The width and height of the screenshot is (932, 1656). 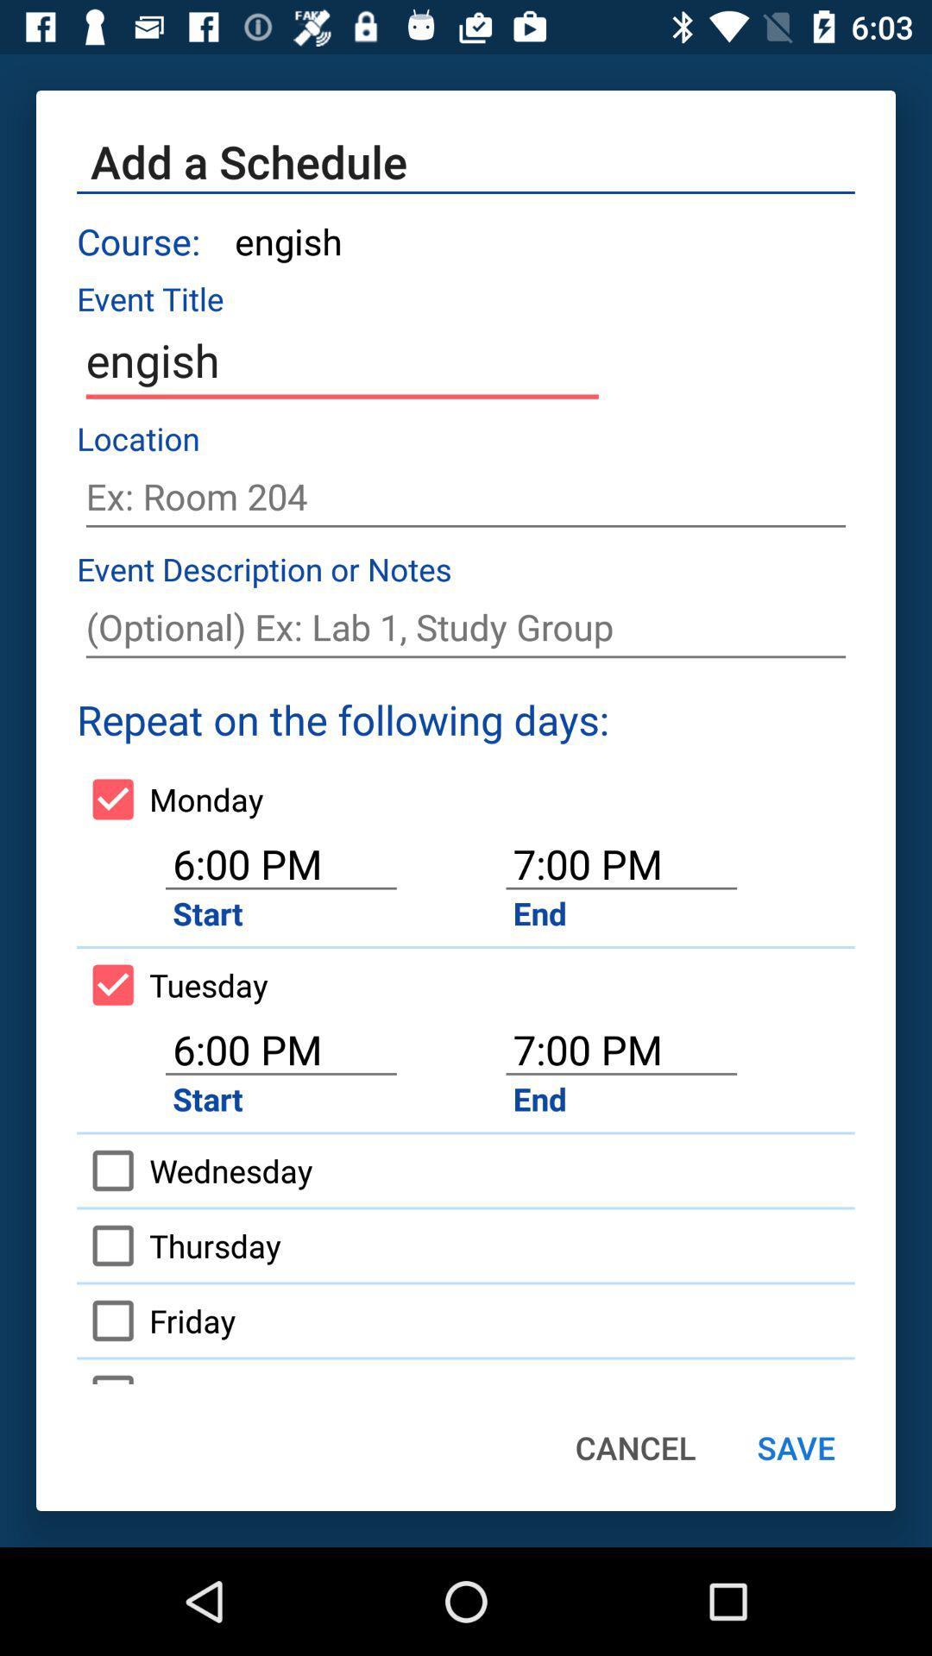 What do you see at coordinates (172, 985) in the screenshot?
I see `item to the left of the 7:00 pm` at bounding box center [172, 985].